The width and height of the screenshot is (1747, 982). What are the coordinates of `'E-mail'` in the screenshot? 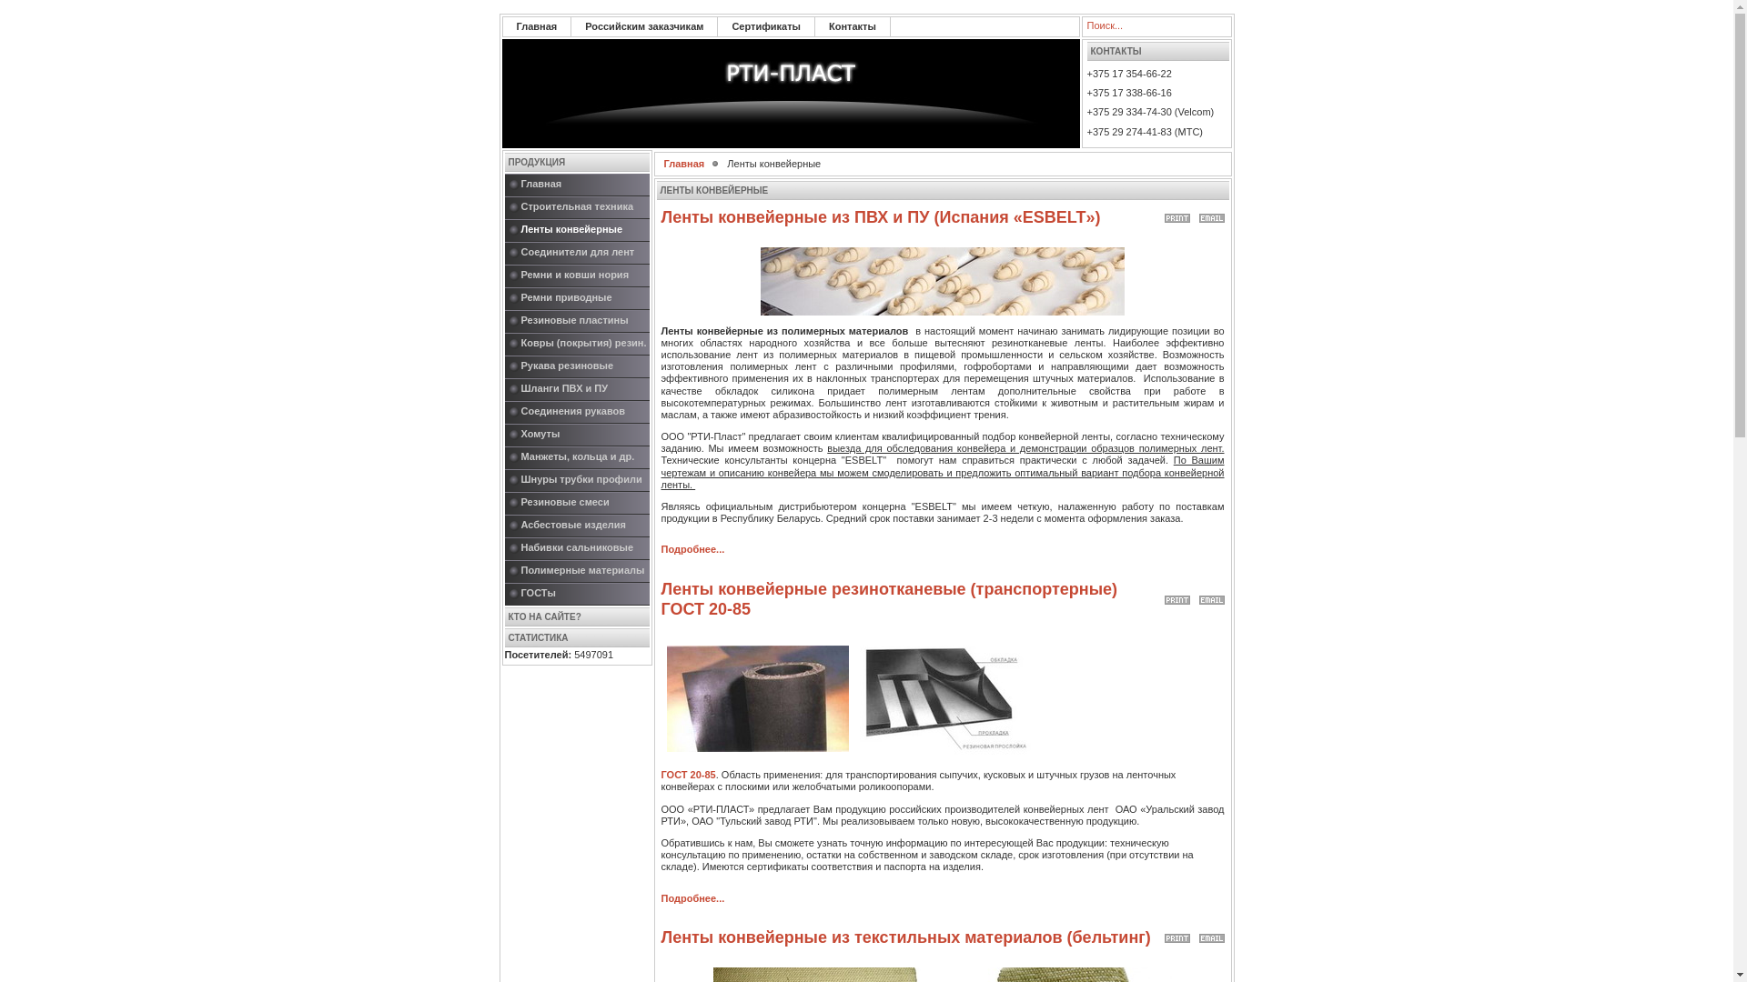 It's located at (1211, 935).